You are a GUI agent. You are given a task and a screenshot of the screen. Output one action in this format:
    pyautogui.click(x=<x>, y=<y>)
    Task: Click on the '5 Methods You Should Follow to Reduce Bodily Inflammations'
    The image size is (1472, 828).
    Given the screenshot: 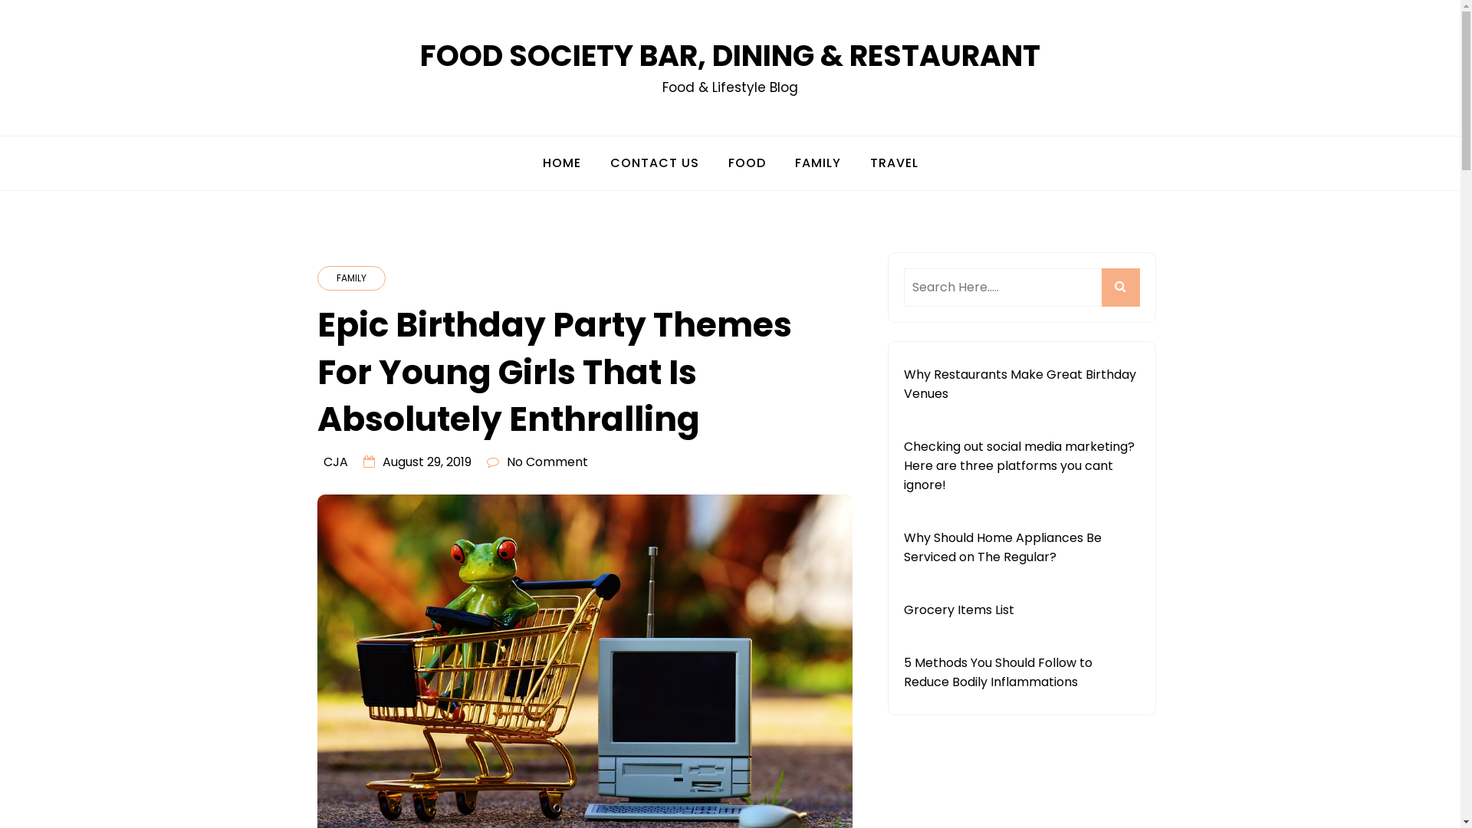 What is the action you would take?
    pyautogui.click(x=997, y=671)
    